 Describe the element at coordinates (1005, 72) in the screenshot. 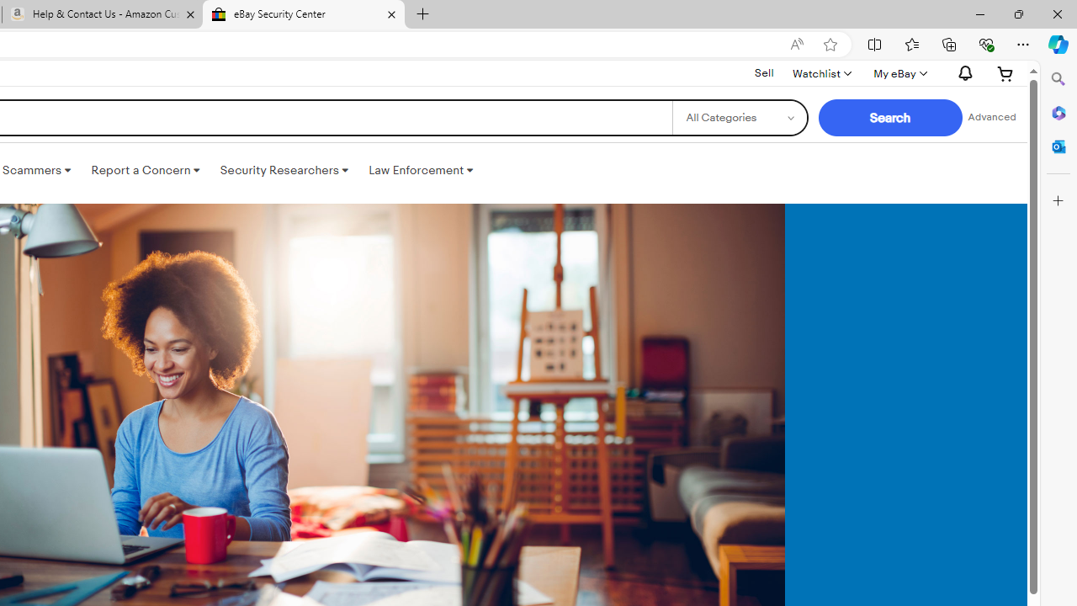

I see `'Expand Cart'` at that location.